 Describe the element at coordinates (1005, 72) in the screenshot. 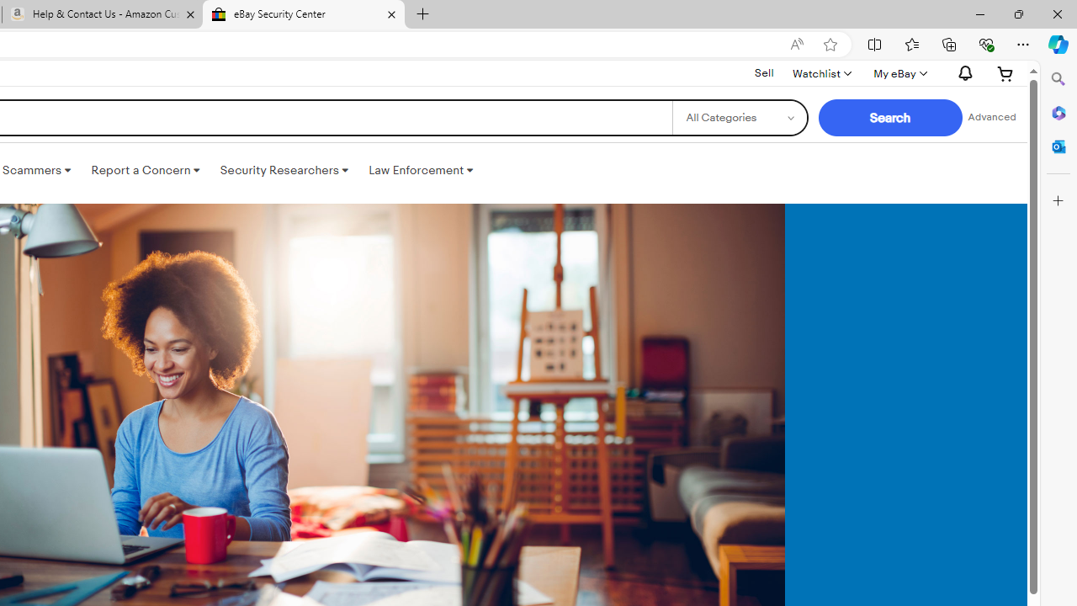

I see `'Expand Cart'` at that location.